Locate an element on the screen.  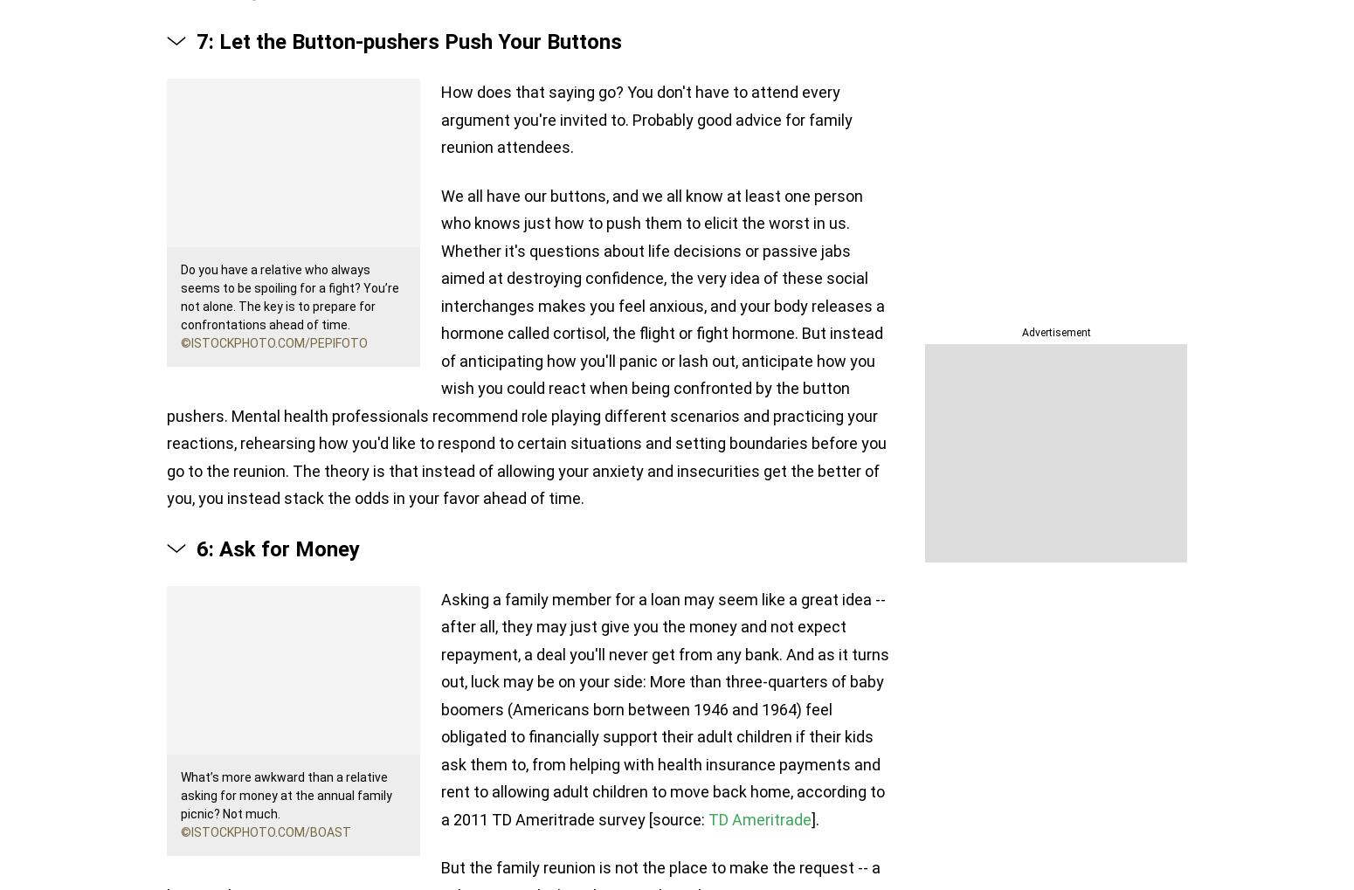
'].' is located at coordinates (814, 818).